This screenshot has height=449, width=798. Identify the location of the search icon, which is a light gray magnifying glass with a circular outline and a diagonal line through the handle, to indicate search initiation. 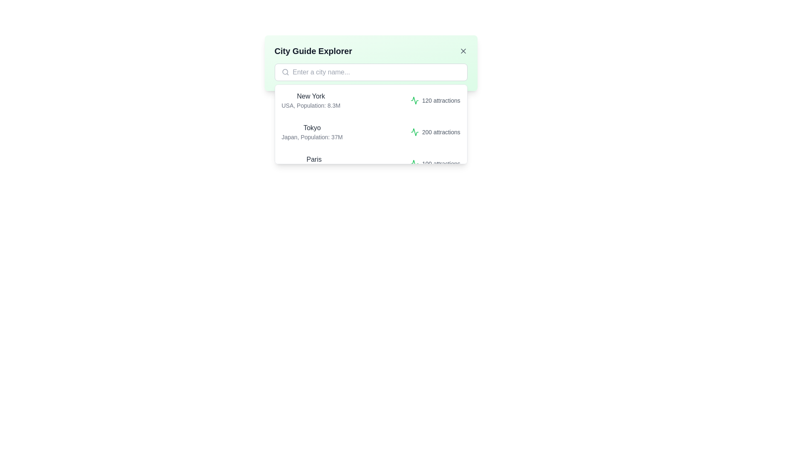
(285, 72).